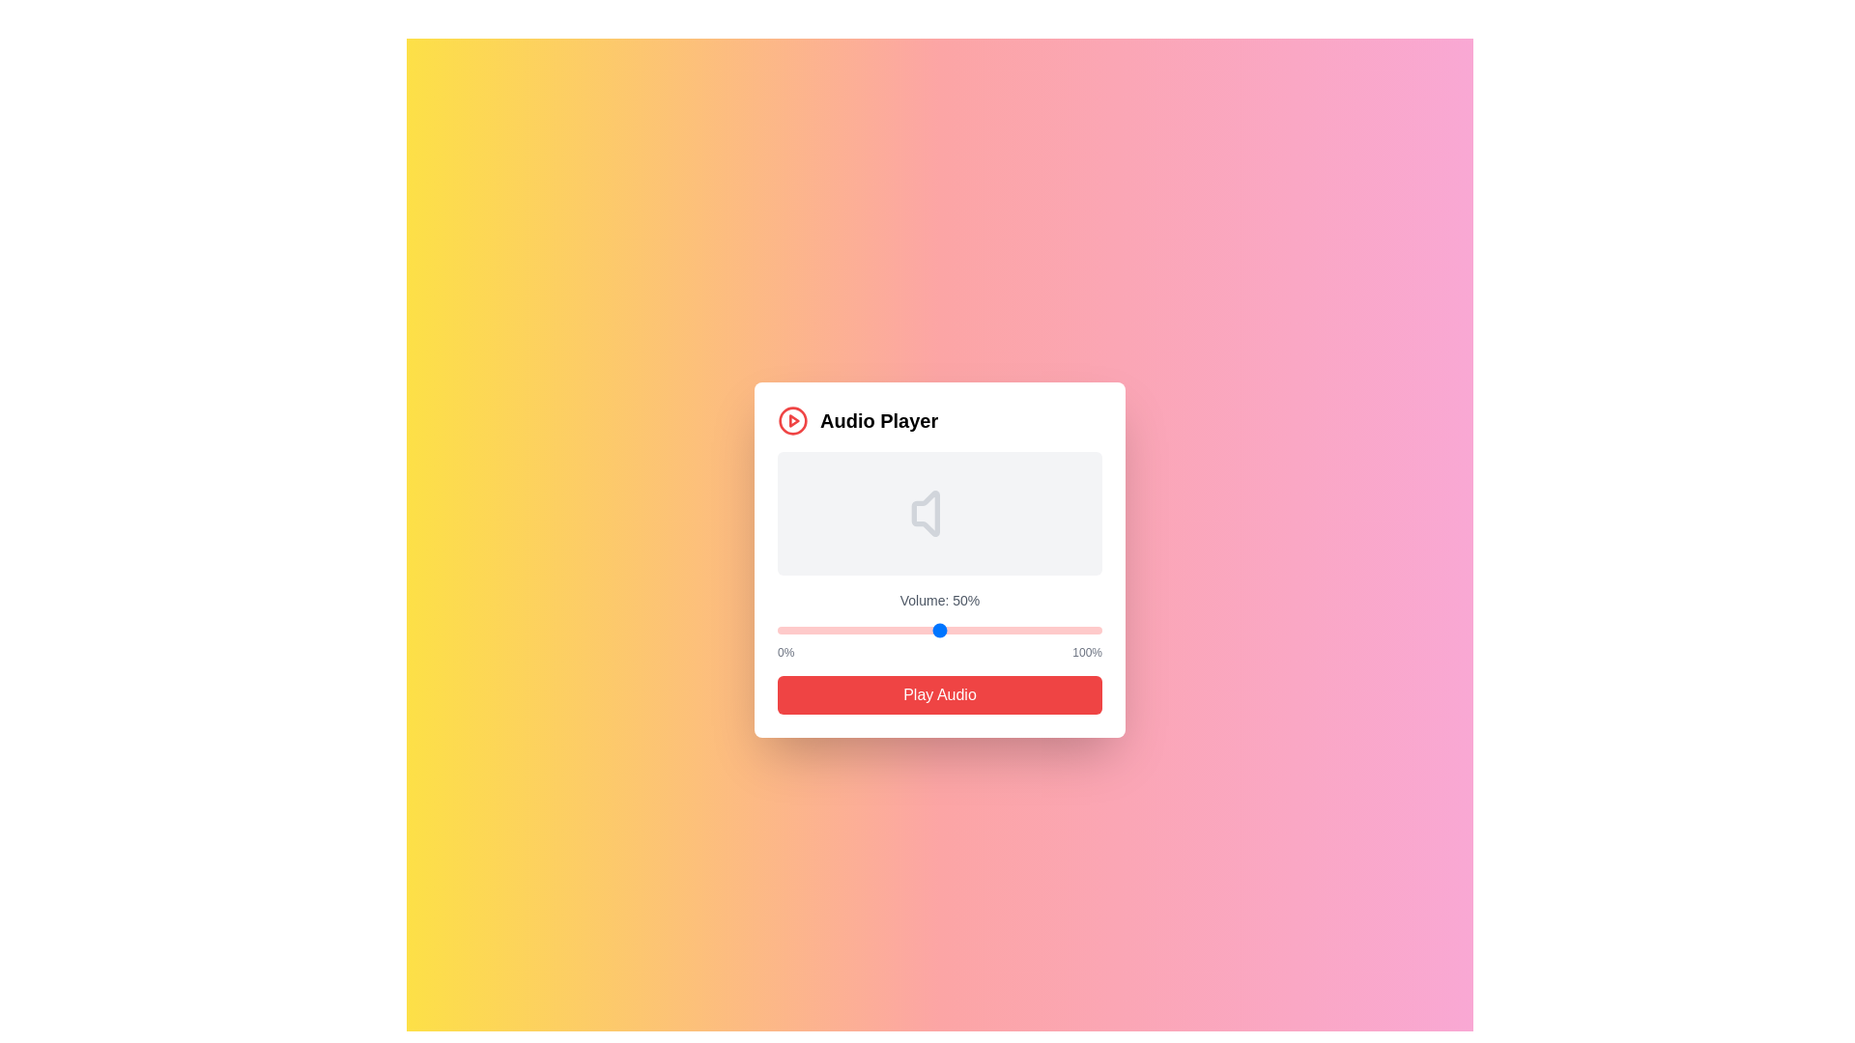 The height and width of the screenshot is (1043, 1855). What do you see at coordinates (1056, 630) in the screenshot?
I see `the volume slider to set the volume to 86%` at bounding box center [1056, 630].